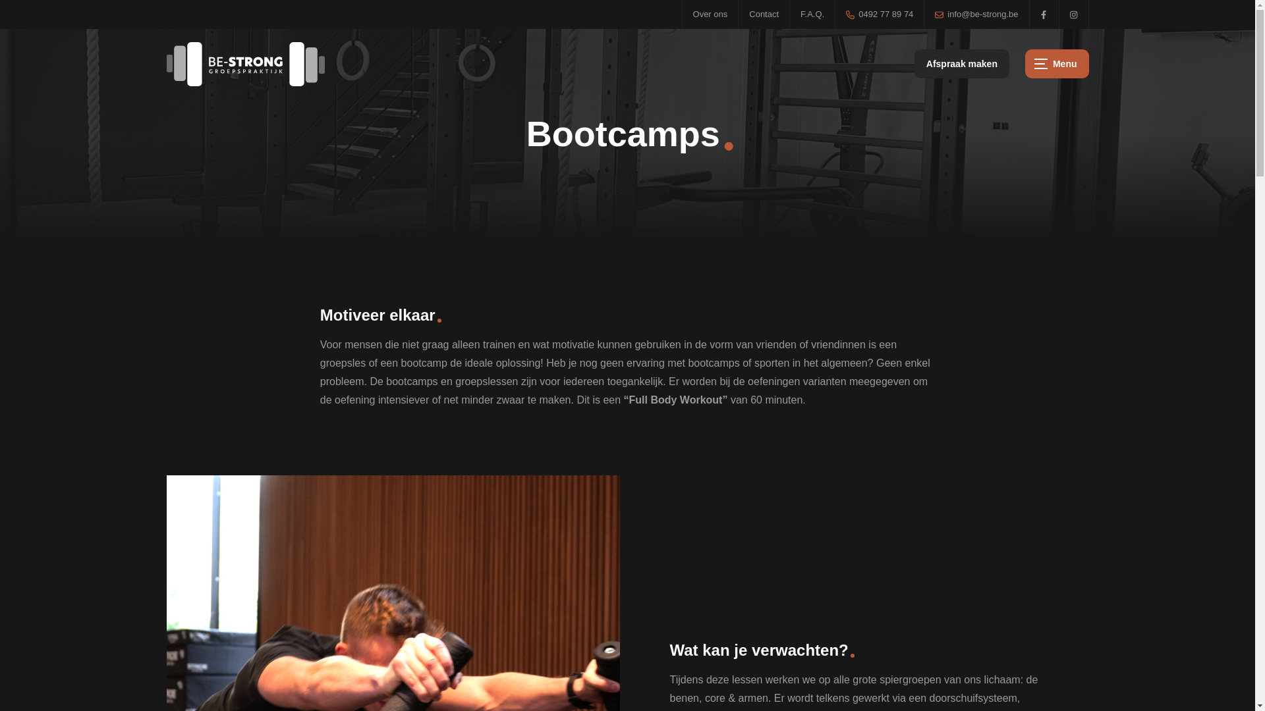  Describe the element at coordinates (710, 14) in the screenshot. I see `'Over ons'` at that location.